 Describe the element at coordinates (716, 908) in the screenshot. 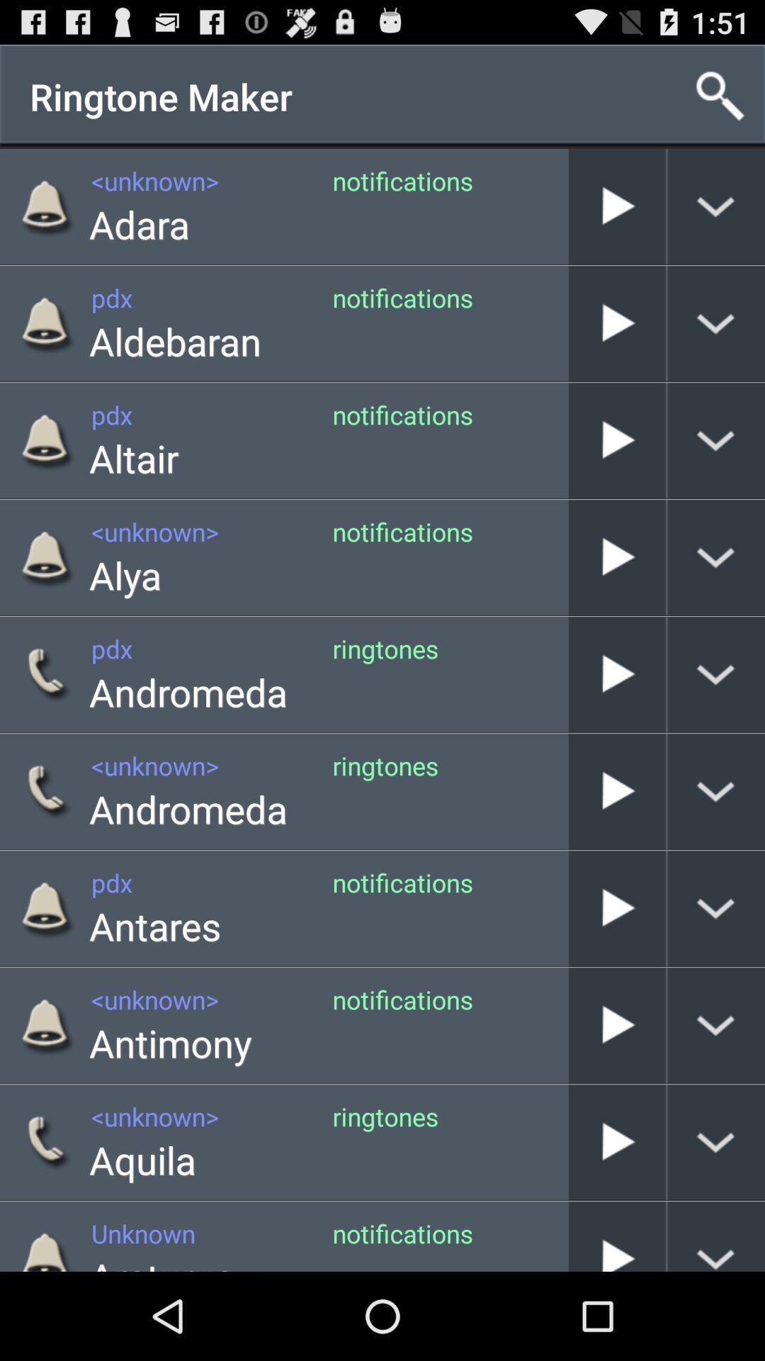

I see `show more options` at that location.